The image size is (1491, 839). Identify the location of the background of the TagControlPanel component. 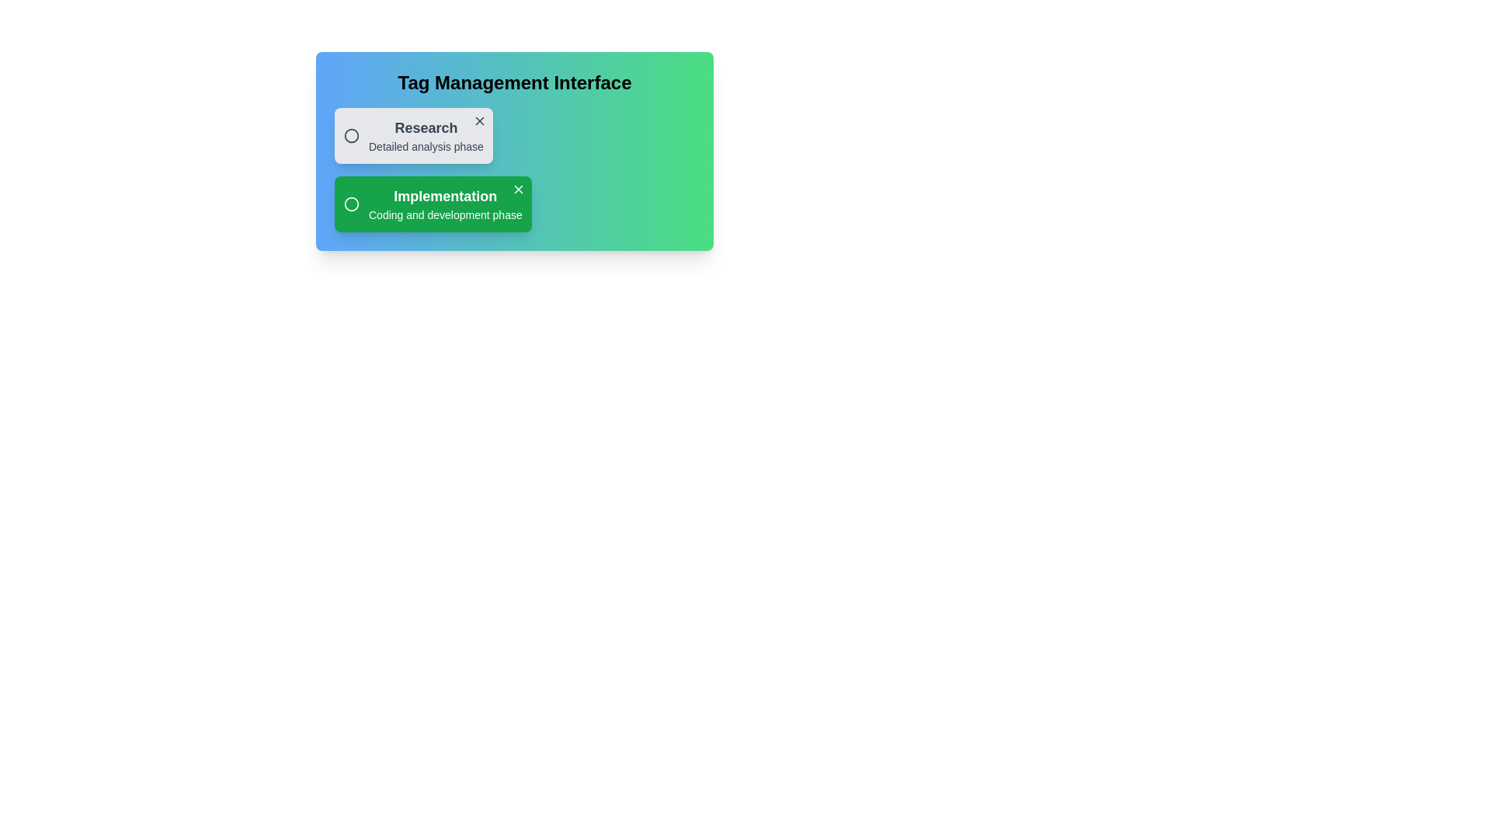
(596, 197).